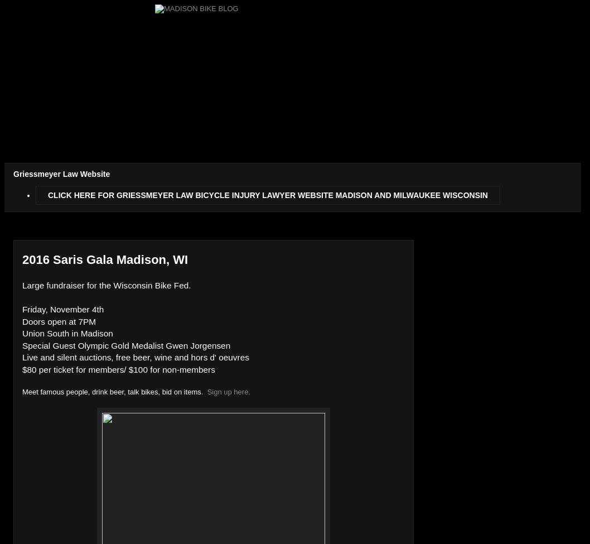  Describe the element at coordinates (62, 309) in the screenshot. I see `'Friday, November 4th'` at that location.